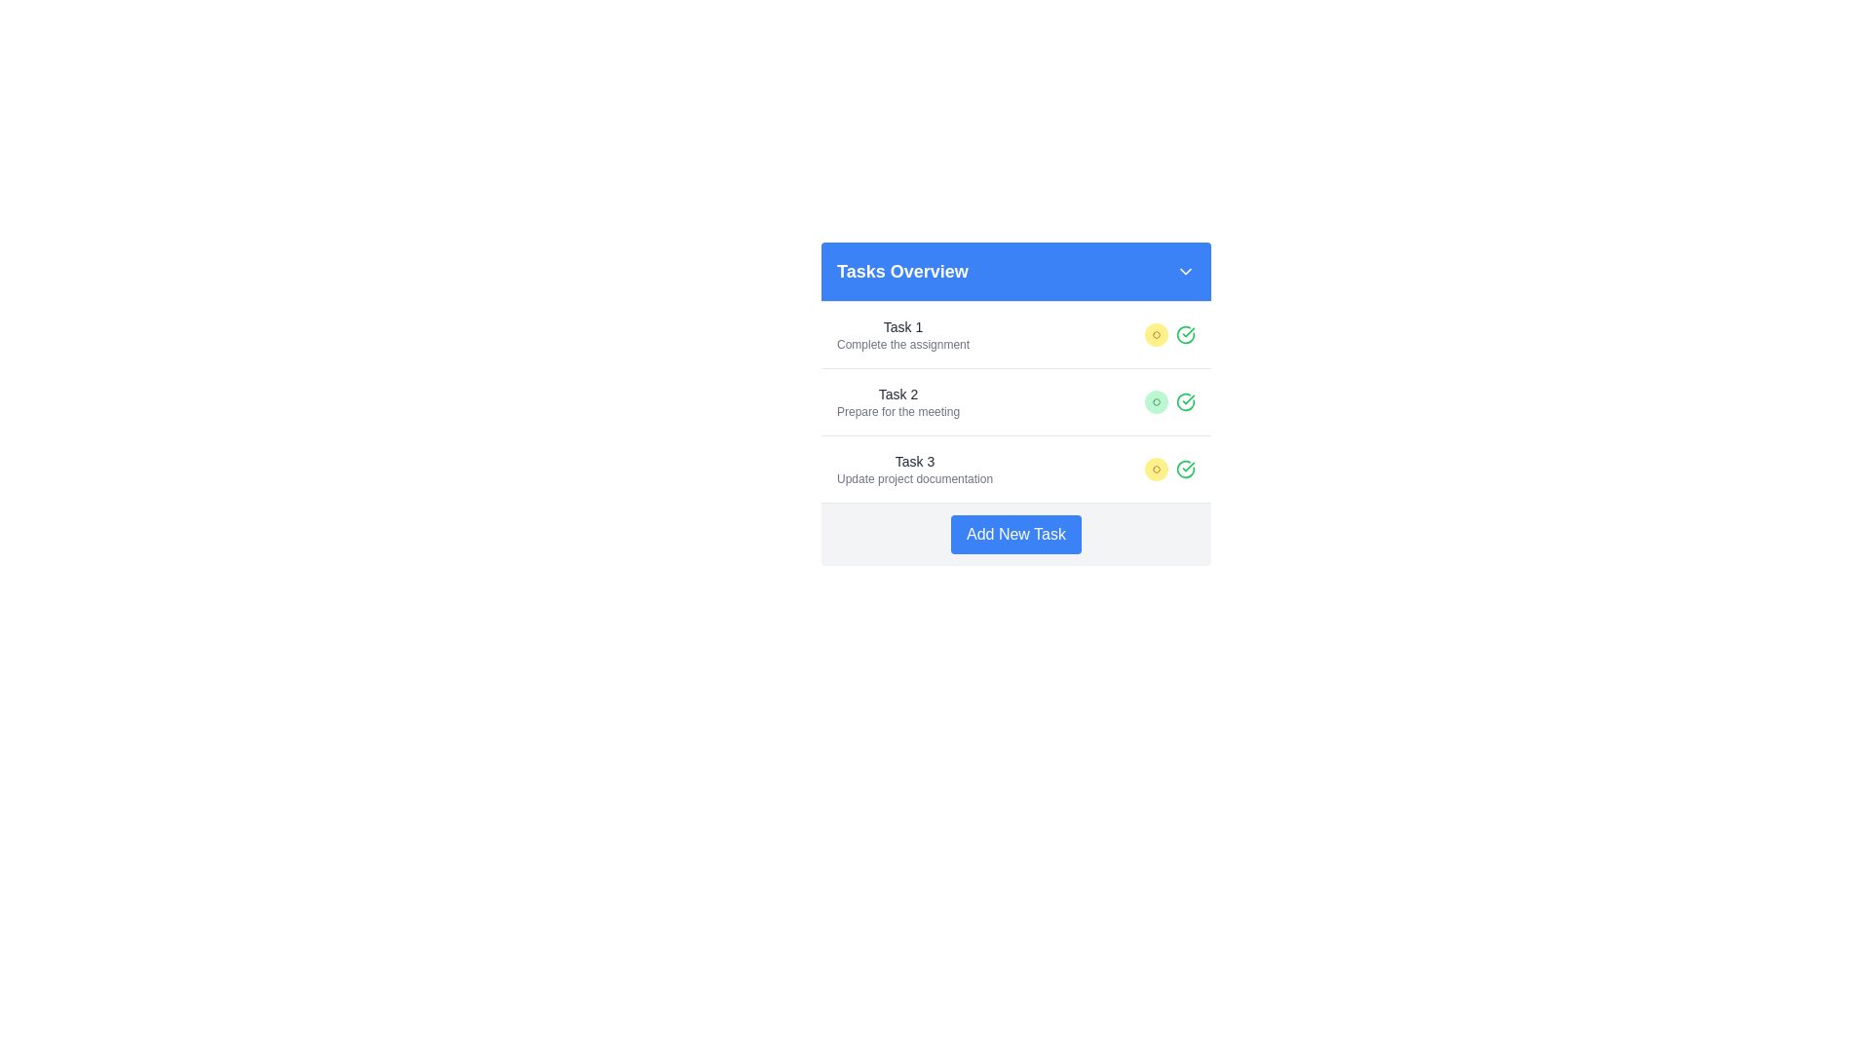 This screenshot has width=1871, height=1052. Describe the element at coordinates (914, 470) in the screenshot. I see `task information displayed in the text block with a title and subtitle, located in the third row of the task list under the 'Tasks Overview' header` at that location.